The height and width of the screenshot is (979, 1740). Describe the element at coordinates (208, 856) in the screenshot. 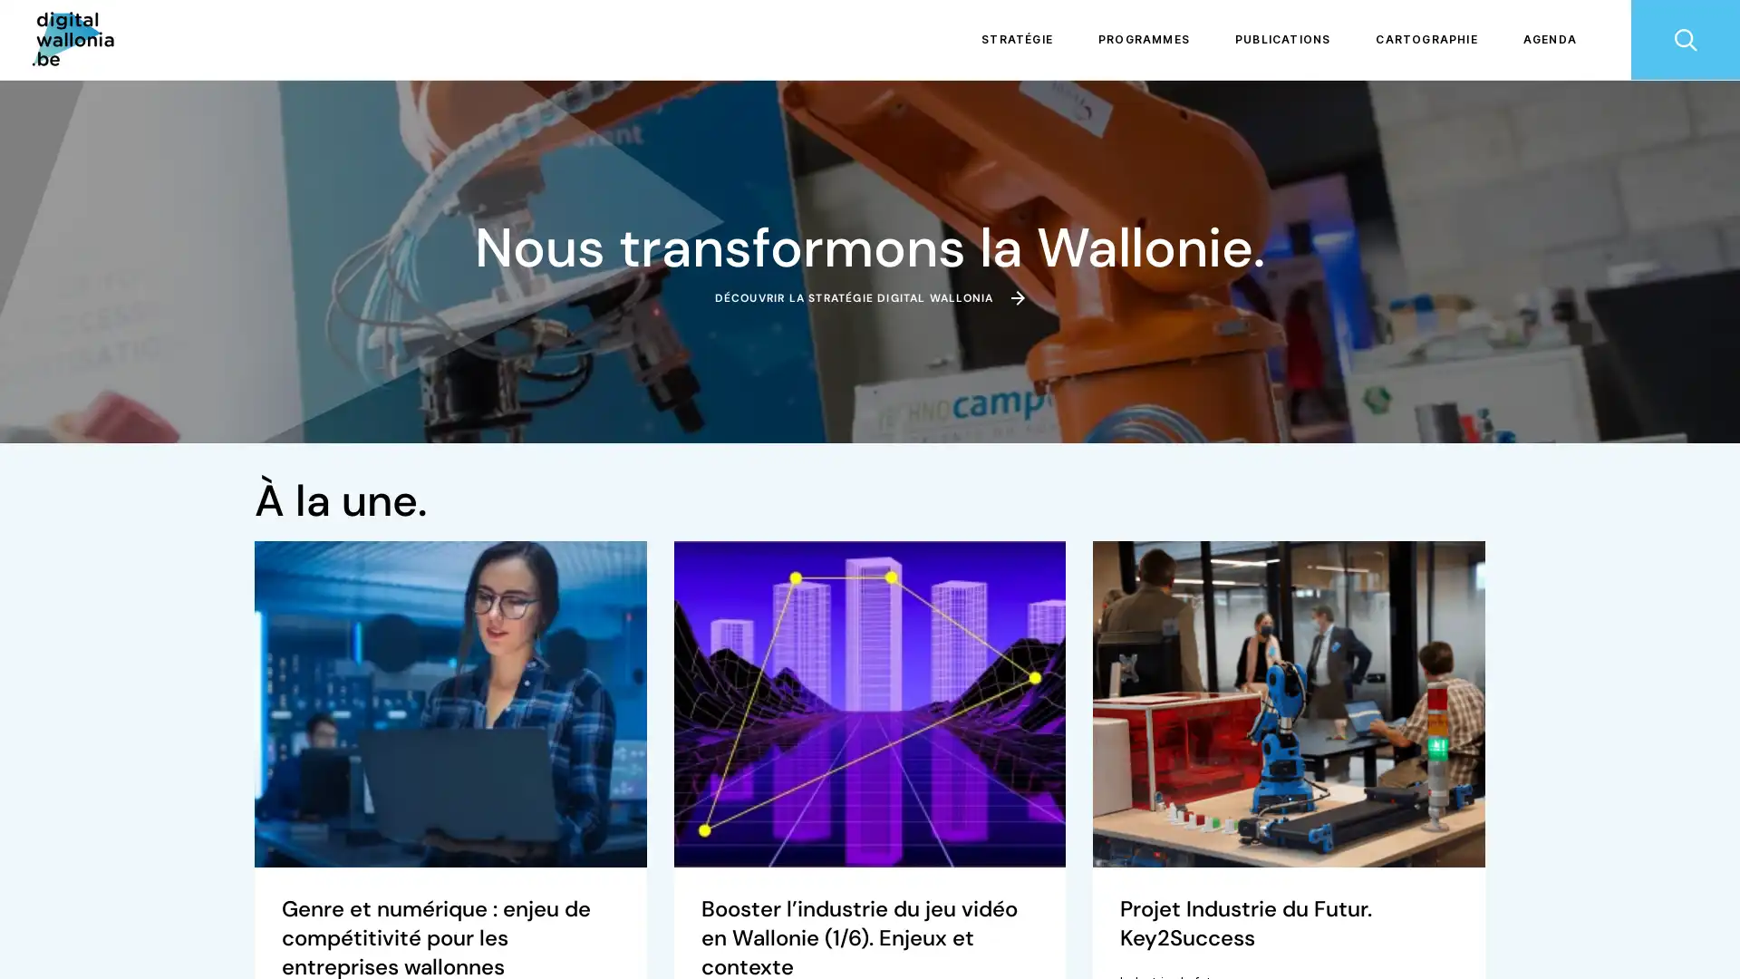

I see `Consentements certifies par` at that location.